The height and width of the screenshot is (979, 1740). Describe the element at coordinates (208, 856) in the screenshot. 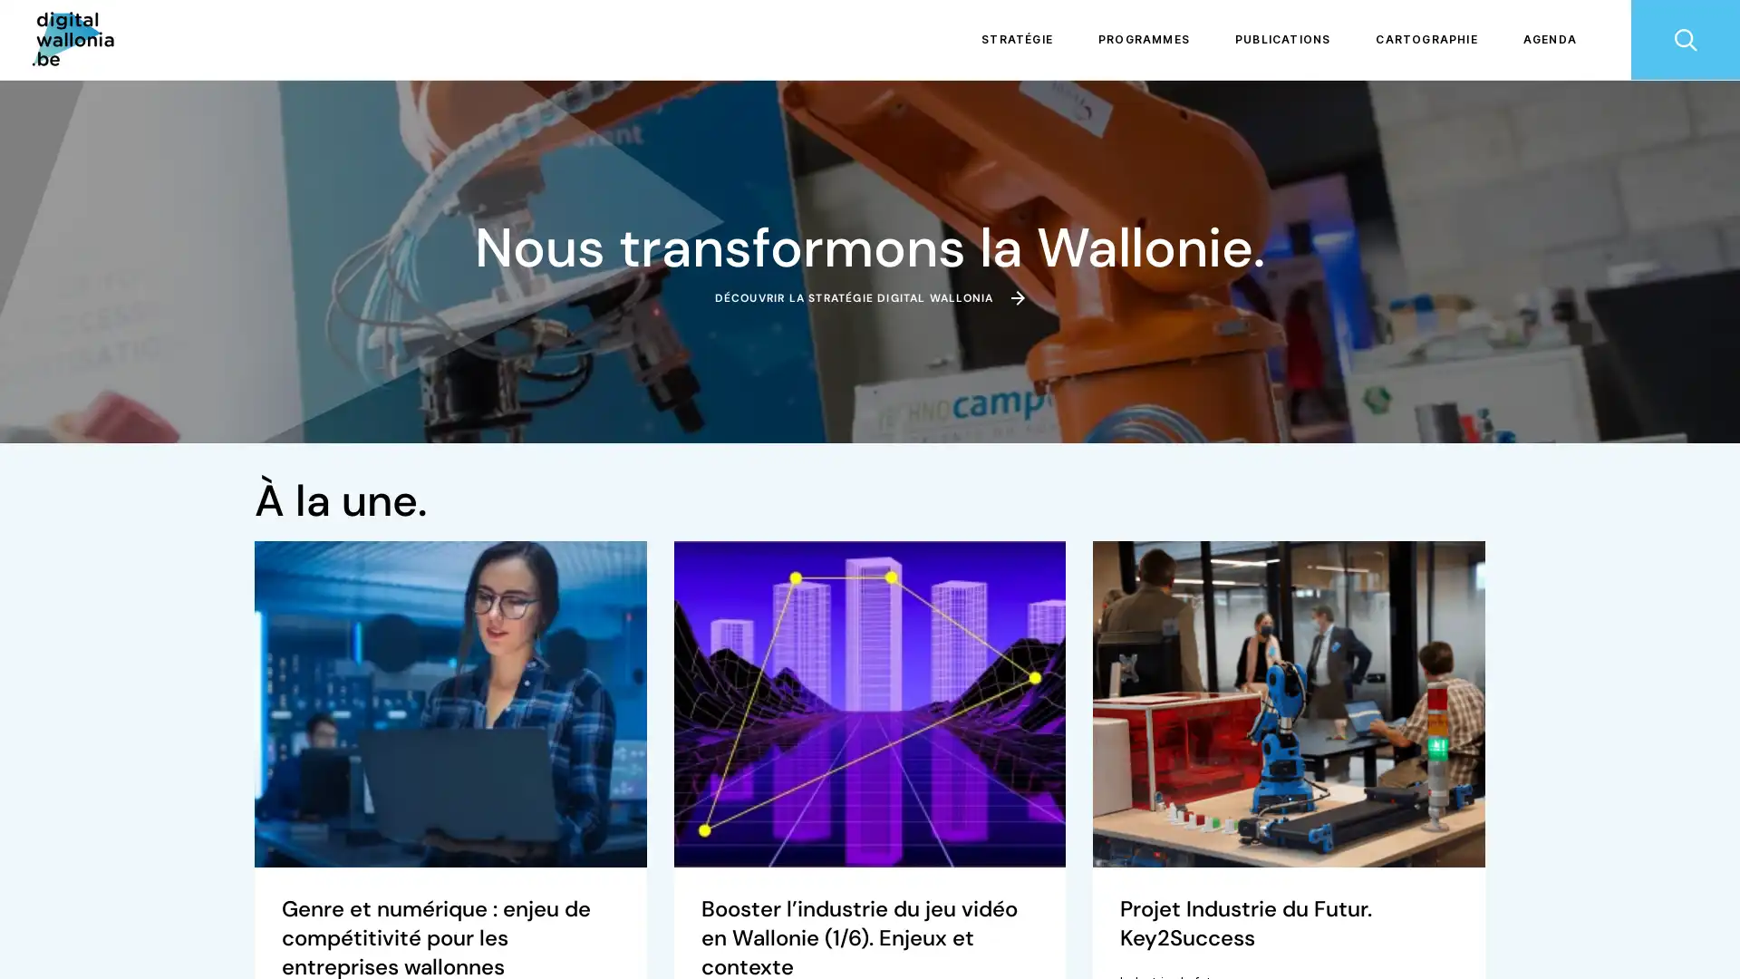

I see `Consentements certifies par` at that location.